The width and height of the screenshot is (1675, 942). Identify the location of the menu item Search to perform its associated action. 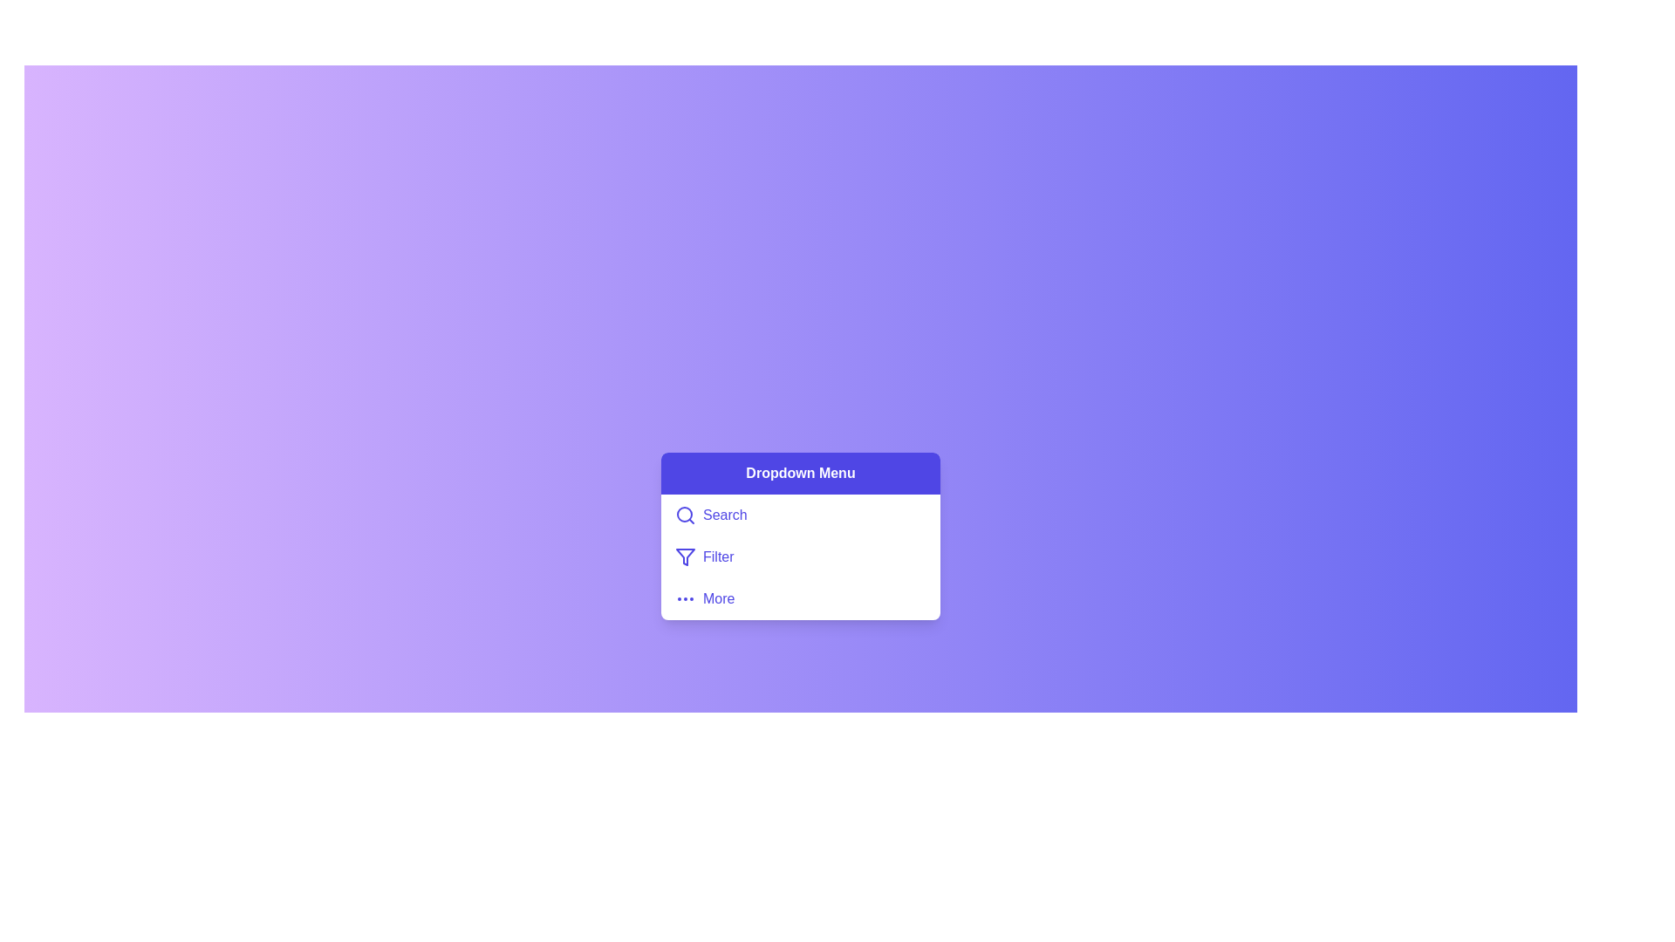
(799, 514).